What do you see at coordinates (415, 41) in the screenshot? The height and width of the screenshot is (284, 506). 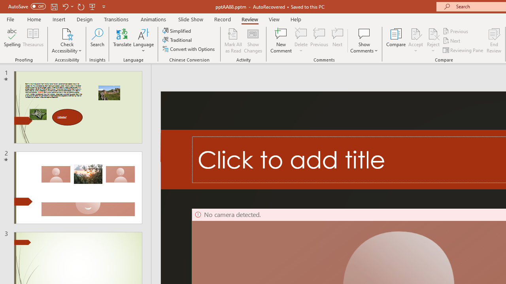 I see `'Accept'` at bounding box center [415, 41].